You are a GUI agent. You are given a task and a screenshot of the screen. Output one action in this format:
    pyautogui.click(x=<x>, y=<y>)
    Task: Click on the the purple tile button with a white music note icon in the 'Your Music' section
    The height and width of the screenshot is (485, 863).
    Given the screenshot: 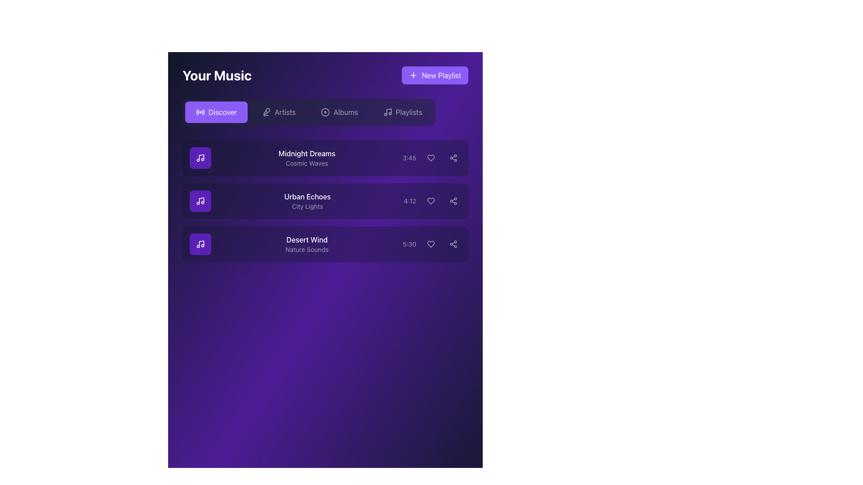 What is the action you would take?
    pyautogui.click(x=200, y=244)
    